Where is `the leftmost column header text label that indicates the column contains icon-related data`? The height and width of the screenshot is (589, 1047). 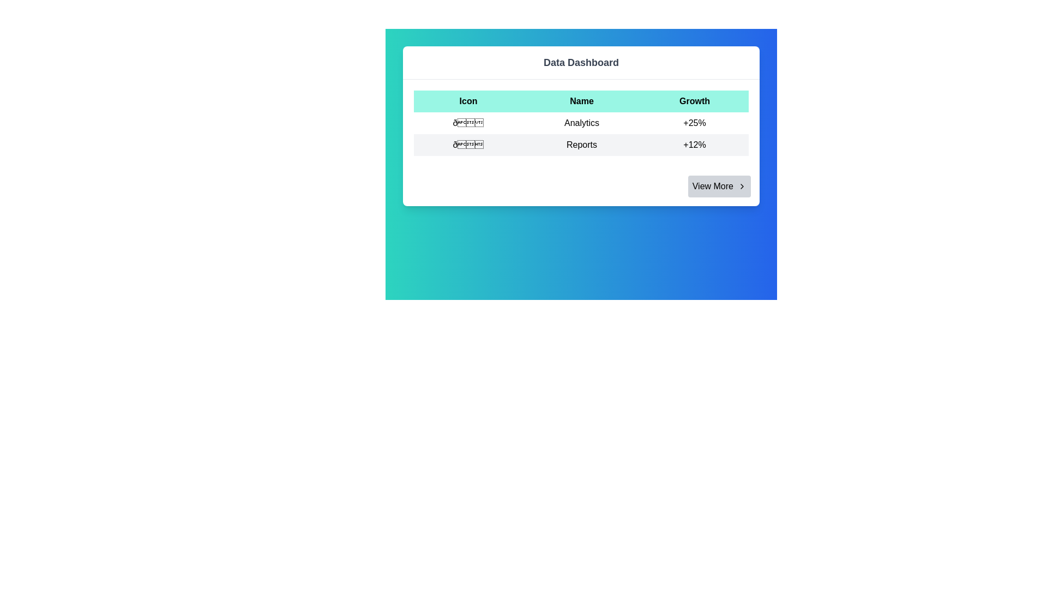 the leftmost column header text label that indicates the column contains icon-related data is located at coordinates (468, 101).